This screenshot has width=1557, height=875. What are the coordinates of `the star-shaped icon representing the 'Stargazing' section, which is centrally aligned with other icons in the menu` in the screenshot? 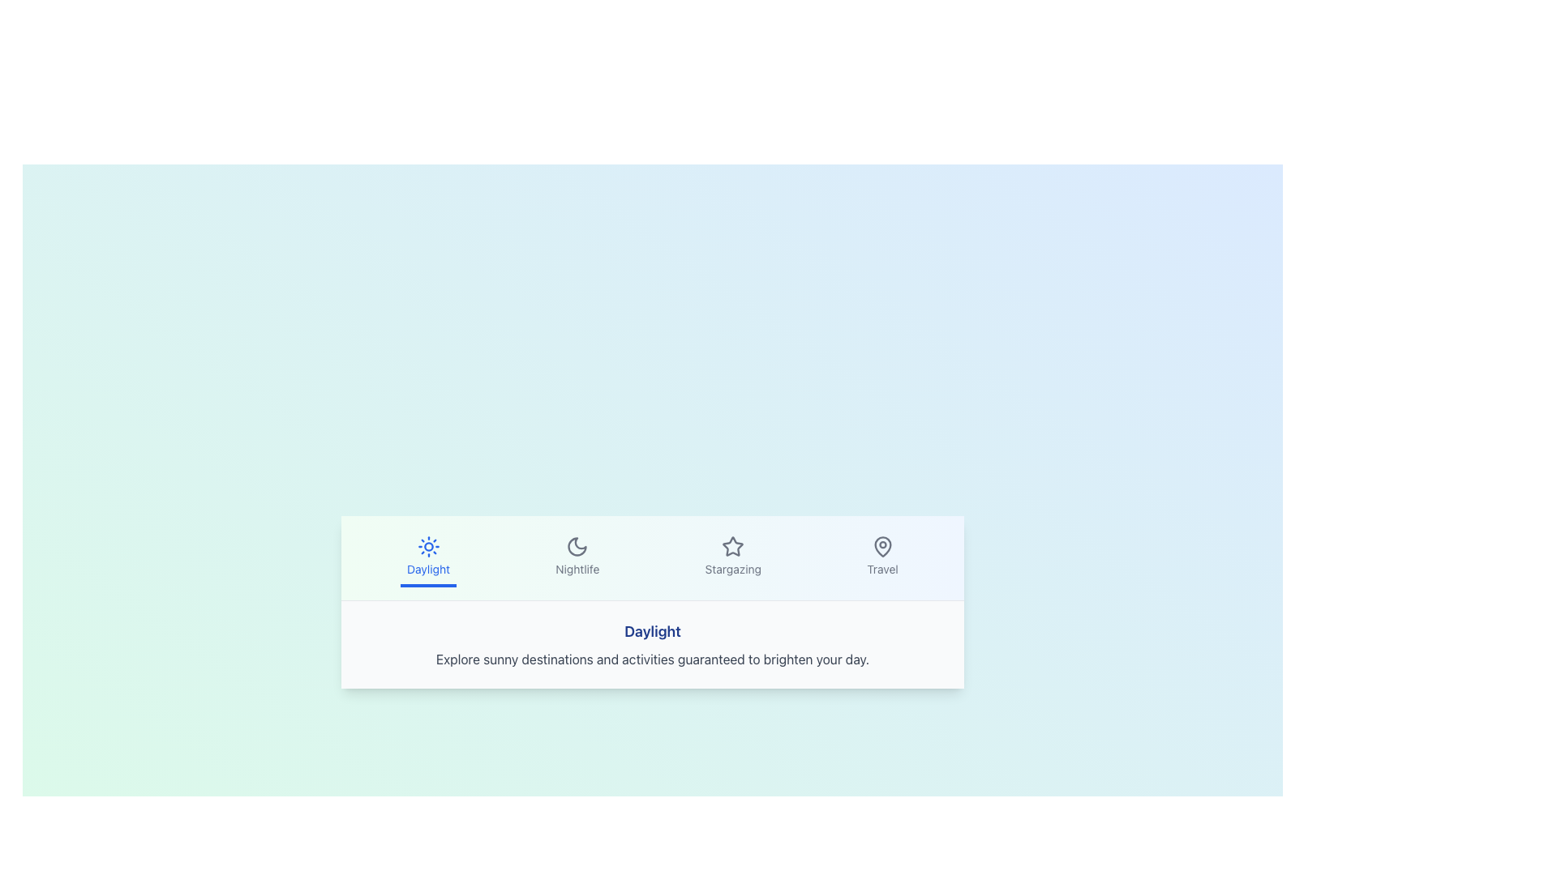 It's located at (732, 545).